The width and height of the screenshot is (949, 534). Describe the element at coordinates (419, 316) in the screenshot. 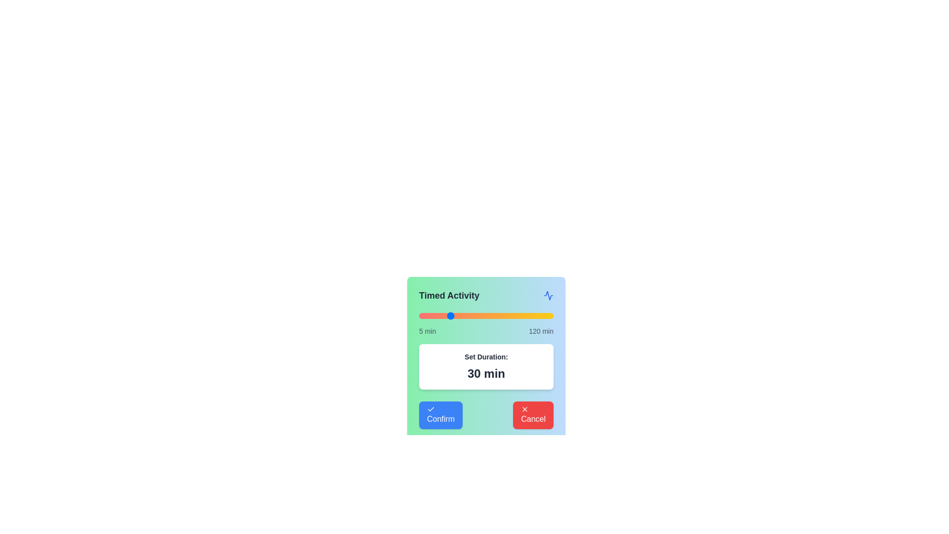

I see `the slider to set the activity duration to 5 minutes` at that location.